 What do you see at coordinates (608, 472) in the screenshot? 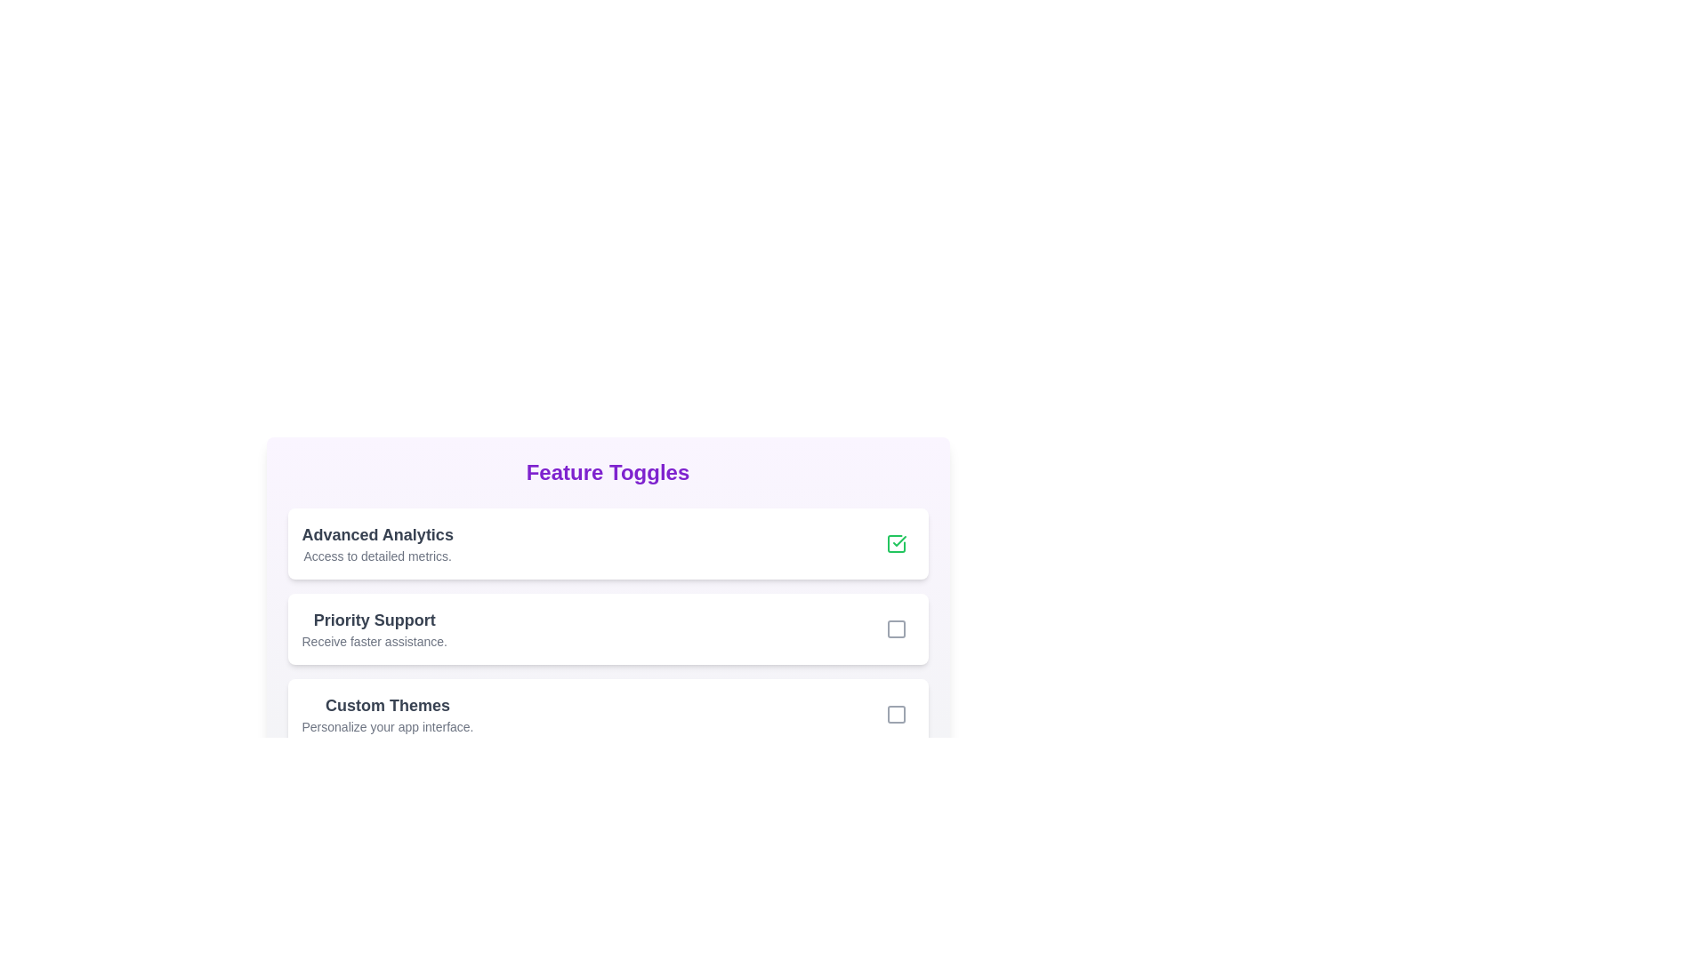
I see `the 'Feature Toggles' header text display element` at bounding box center [608, 472].